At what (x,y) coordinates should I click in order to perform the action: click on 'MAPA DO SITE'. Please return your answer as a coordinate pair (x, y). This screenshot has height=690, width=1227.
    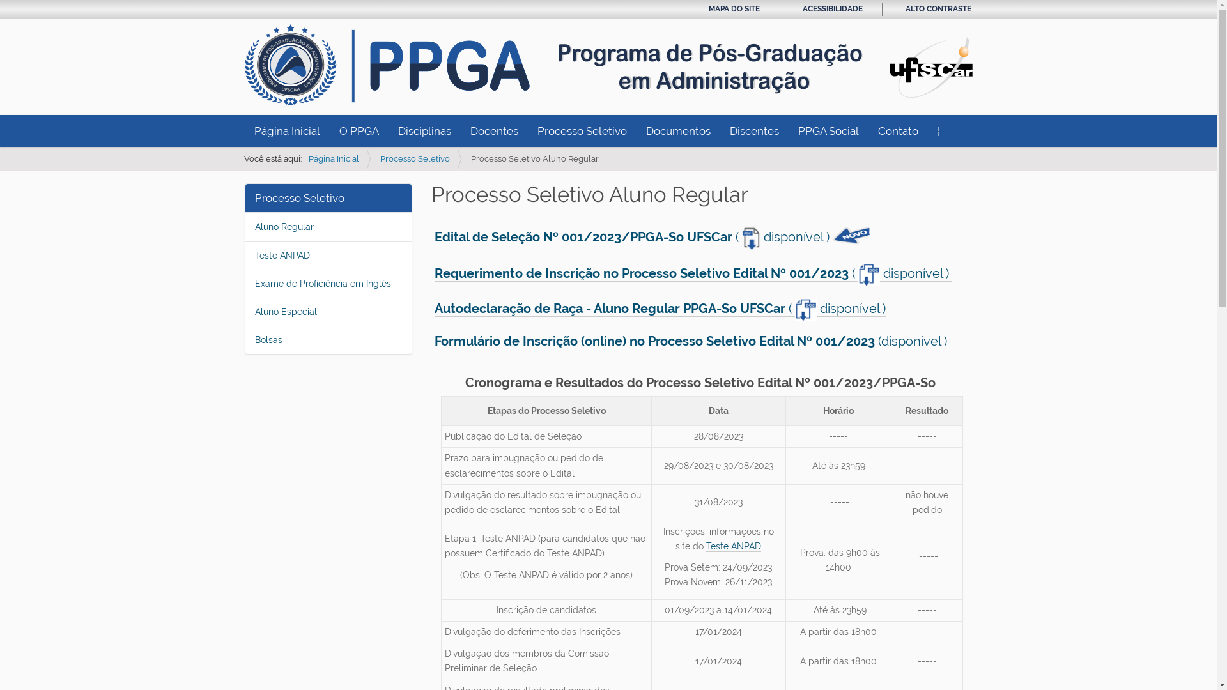
    Looking at the image, I should click on (707, 9).